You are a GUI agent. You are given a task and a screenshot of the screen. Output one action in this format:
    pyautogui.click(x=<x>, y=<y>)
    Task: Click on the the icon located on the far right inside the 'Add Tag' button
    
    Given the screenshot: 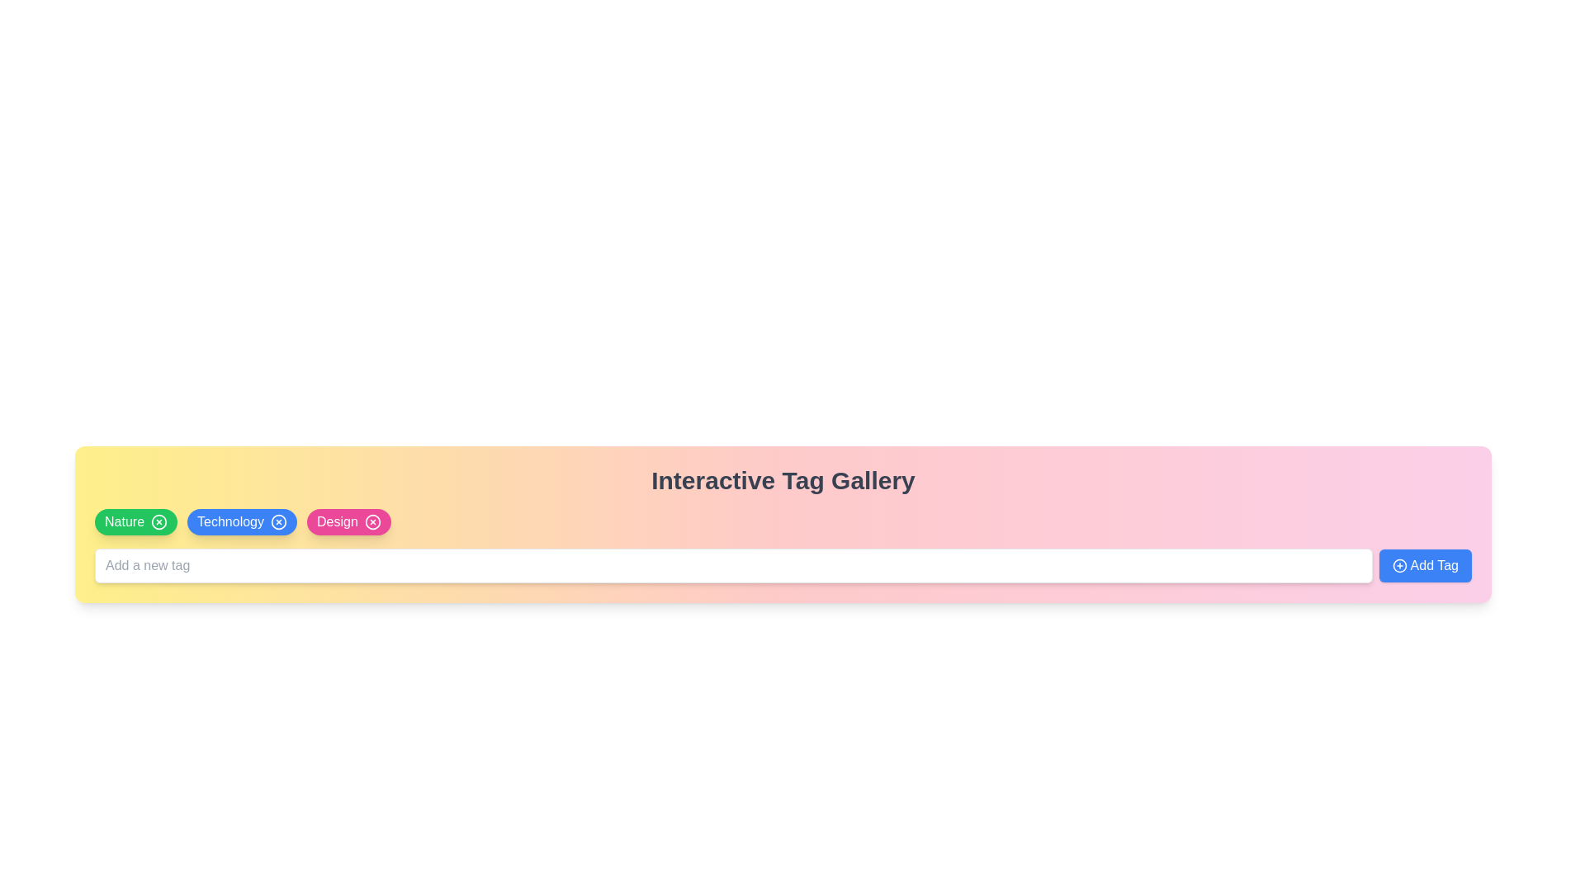 What is the action you would take?
    pyautogui.click(x=1398, y=565)
    